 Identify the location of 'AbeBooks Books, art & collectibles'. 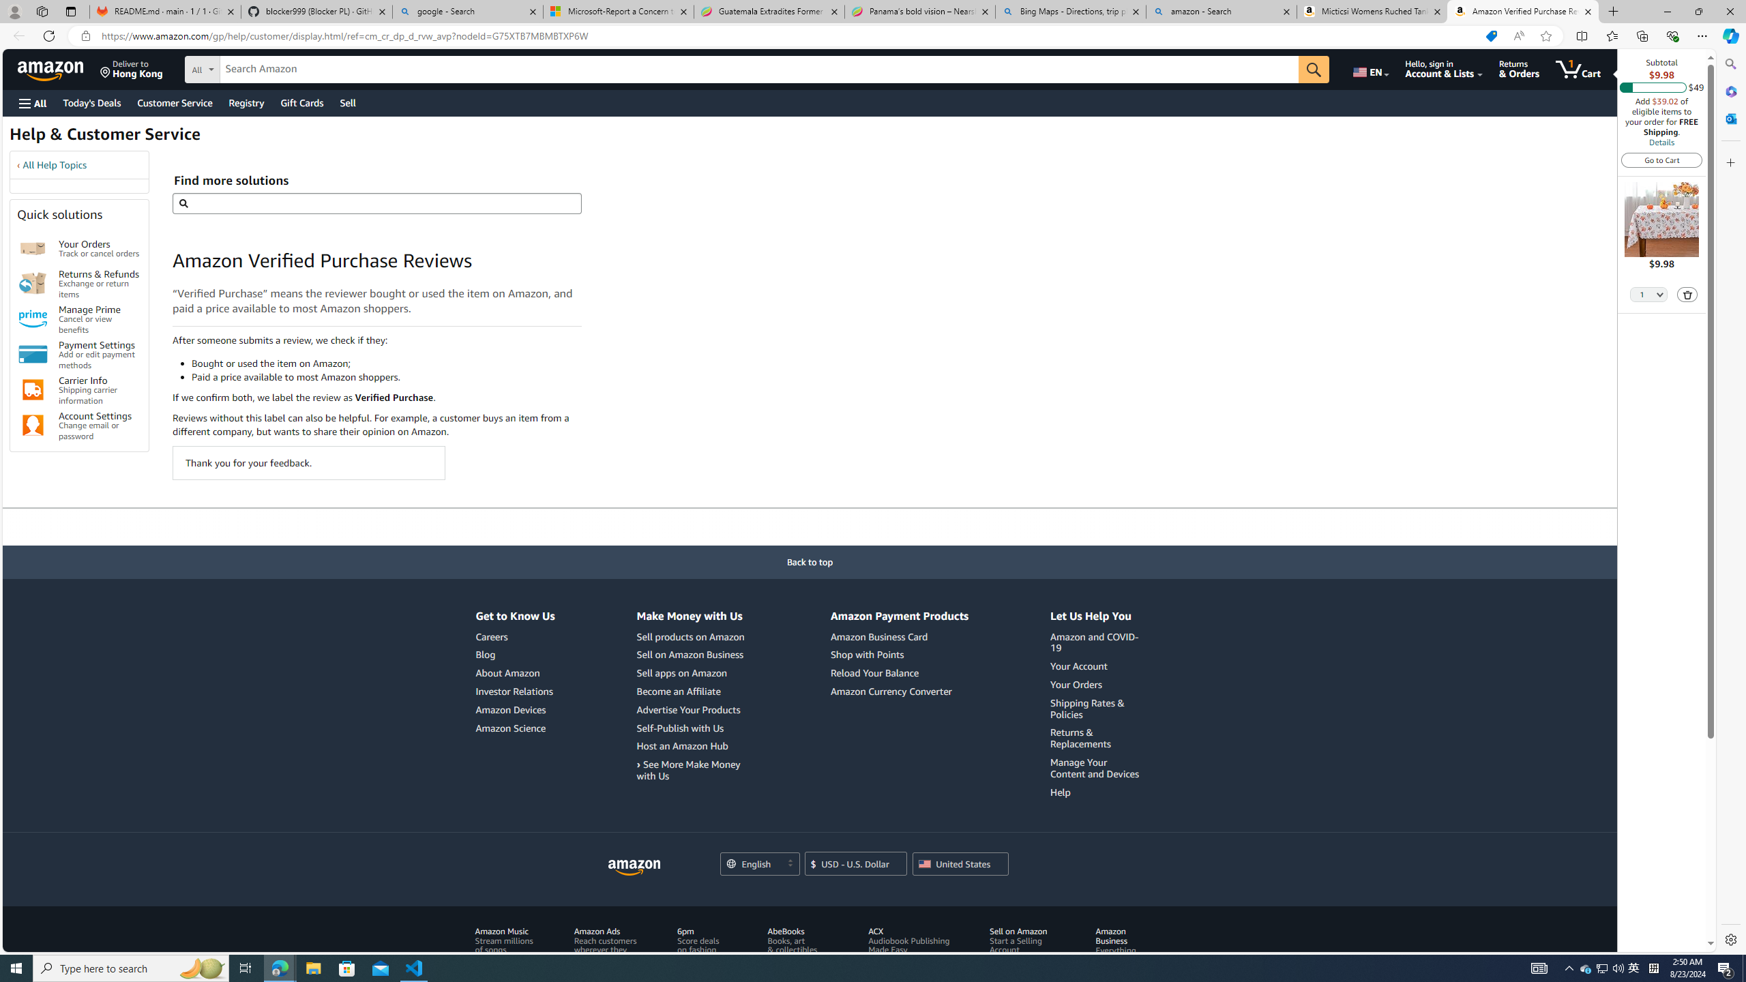
(801, 954).